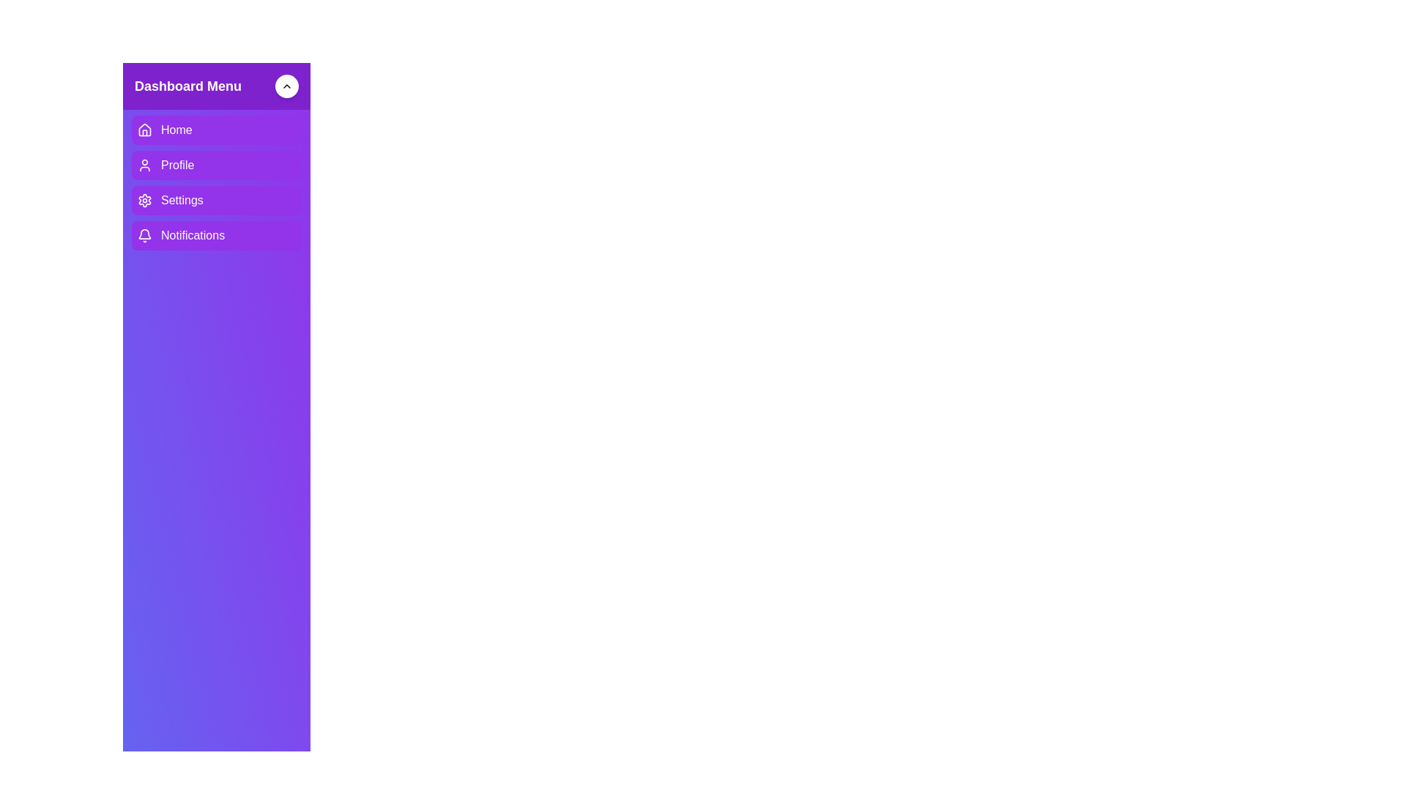  What do you see at coordinates (187, 86) in the screenshot?
I see `the text label reading 'Dashboard Menu', which is displayed in bold white font against a purple background, located in the upper section of the interface` at bounding box center [187, 86].